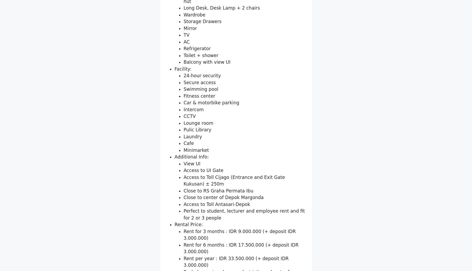  I want to click on 'Intercom', so click(184, 171).